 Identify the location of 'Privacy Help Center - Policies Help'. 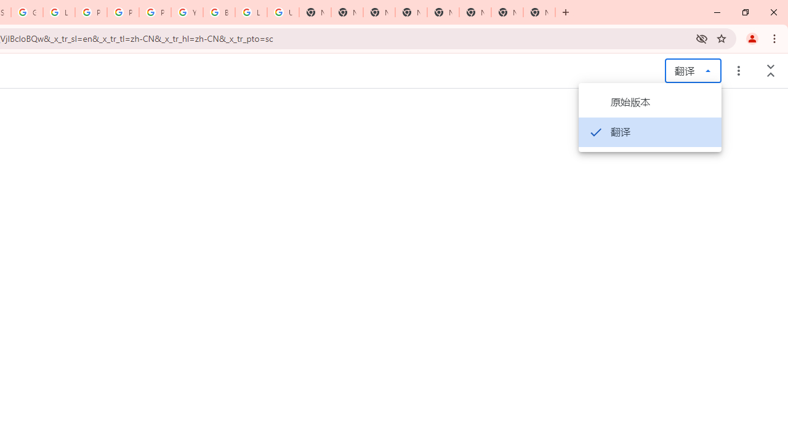
(90, 12).